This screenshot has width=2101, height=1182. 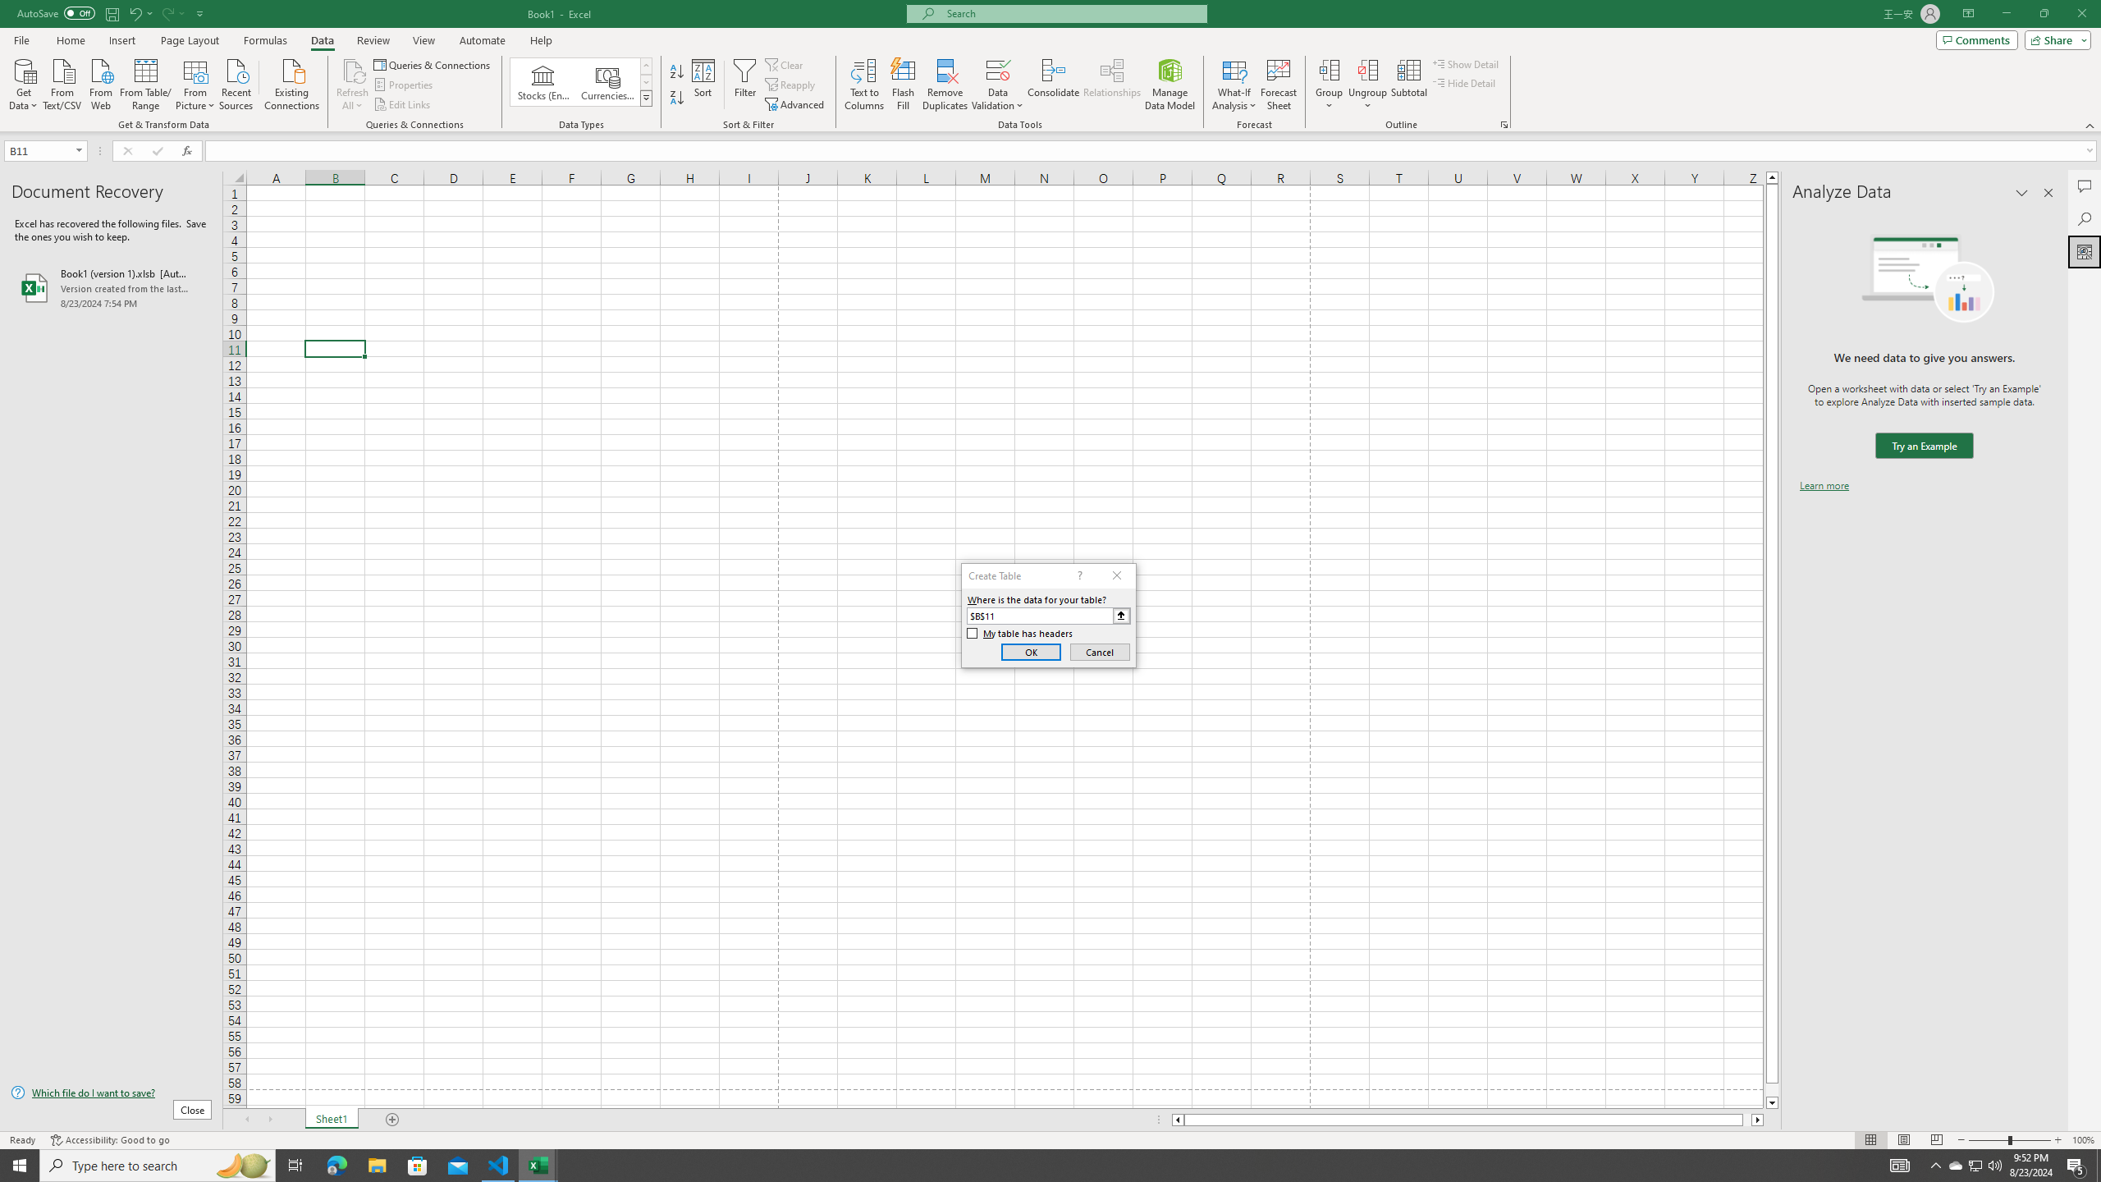 I want to click on 'Flash Fill', so click(x=903, y=85).